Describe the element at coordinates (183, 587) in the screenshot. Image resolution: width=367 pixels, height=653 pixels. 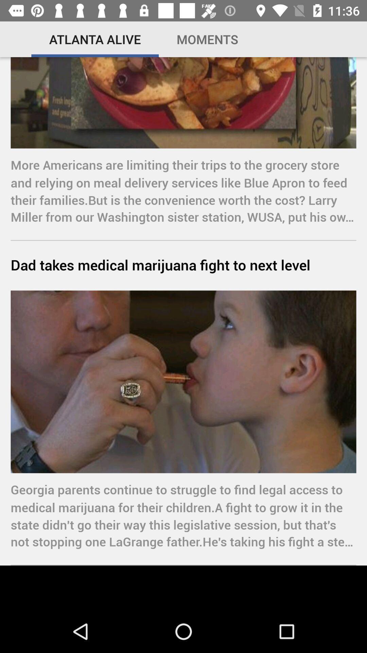
I see `the icon below the georgia parents continue icon` at that location.